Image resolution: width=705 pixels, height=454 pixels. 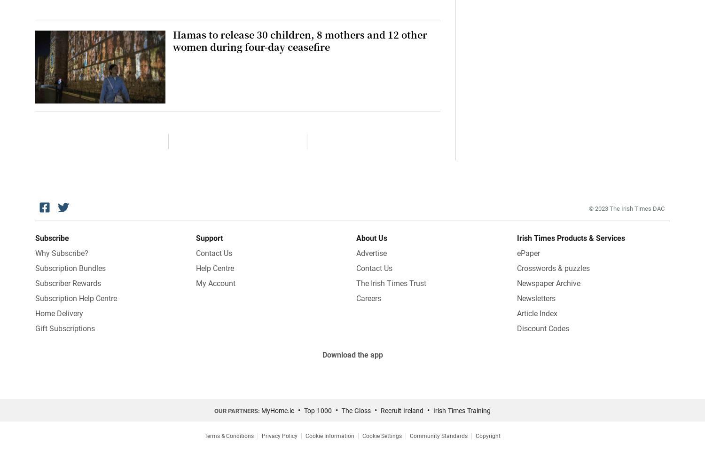 I want to click on 'The Irish Times Trust', so click(x=391, y=282).